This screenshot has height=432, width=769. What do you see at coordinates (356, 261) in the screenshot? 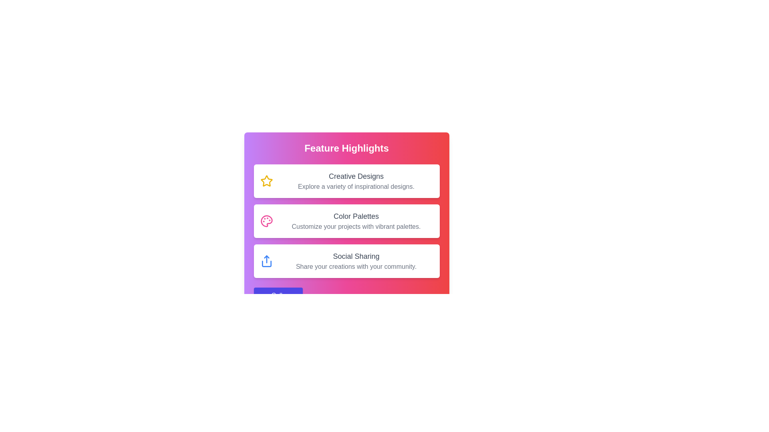
I see `informational text block about 'Social Sharing' located below the 'Color Palettes' section and above subsequent elements, which is the third item under the 'Feature Highlights' header` at bounding box center [356, 261].